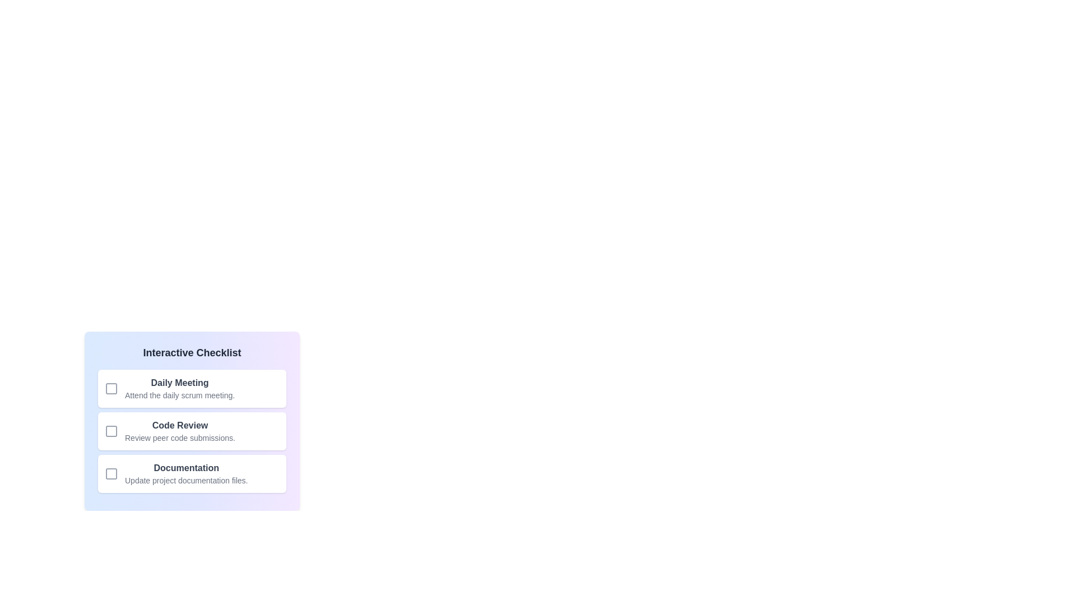 This screenshot has width=1076, height=605. What do you see at coordinates (186, 480) in the screenshot?
I see `detailed description provided by the Text label located underneath the bold title 'Documentation' in the checklist` at bounding box center [186, 480].